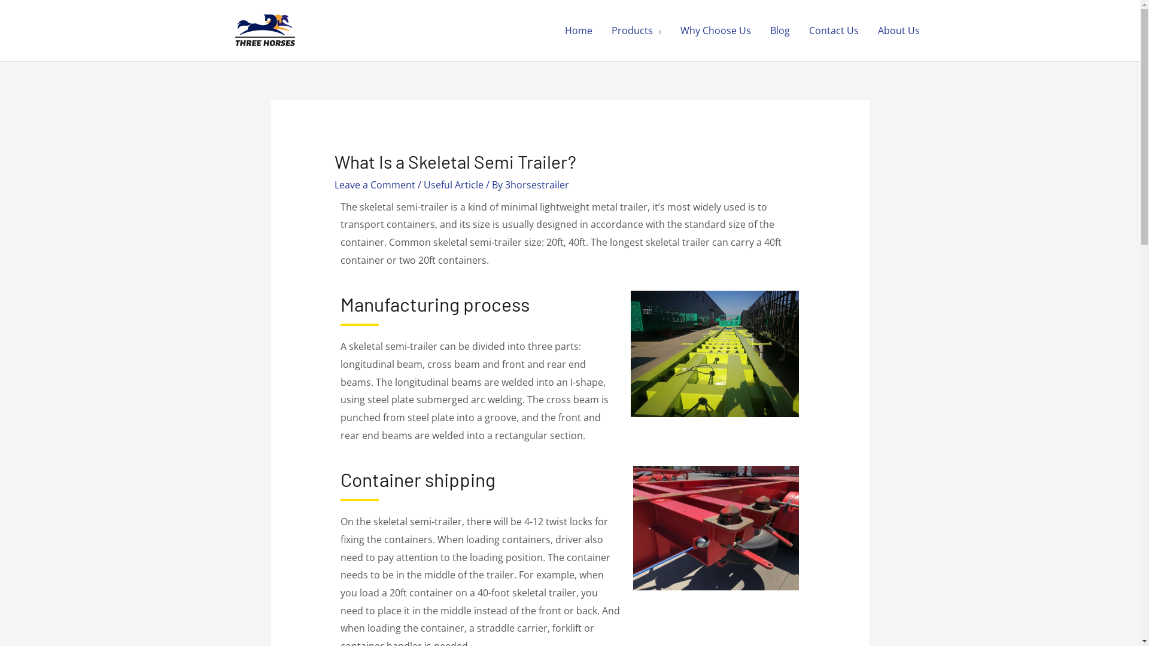 Image resolution: width=1149 pixels, height=646 pixels. What do you see at coordinates (636, 29) in the screenshot?
I see `'Products'` at bounding box center [636, 29].